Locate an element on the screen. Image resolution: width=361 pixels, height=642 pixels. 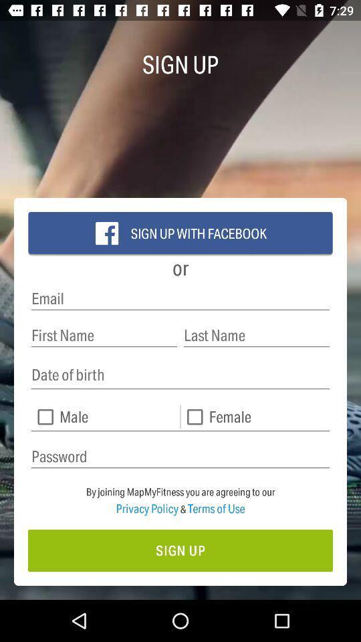
your last name is located at coordinates (256, 334).